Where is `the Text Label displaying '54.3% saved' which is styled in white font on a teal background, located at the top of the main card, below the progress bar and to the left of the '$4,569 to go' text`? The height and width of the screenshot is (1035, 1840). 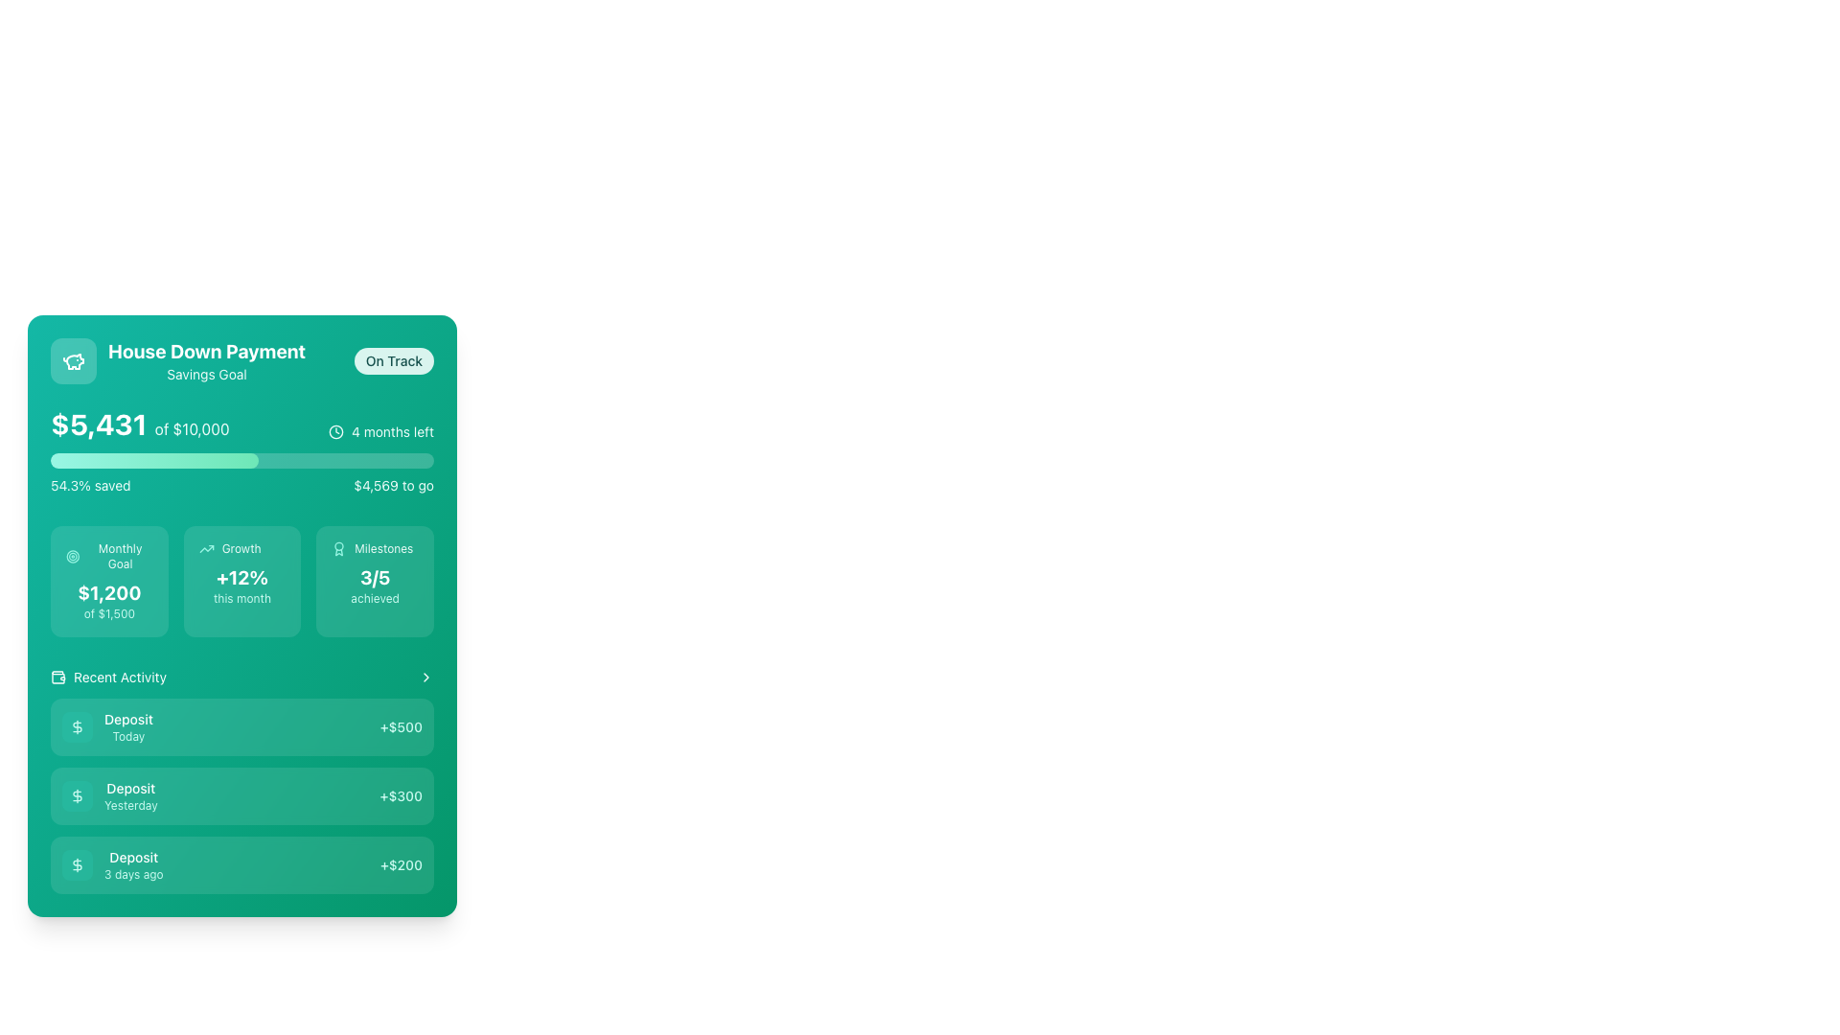 the Text Label displaying '54.3% saved' which is styled in white font on a teal background, located at the top of the main card, below the progress bar and to the left of the '$4,569 to go' text is located at coordinates (89, 484).